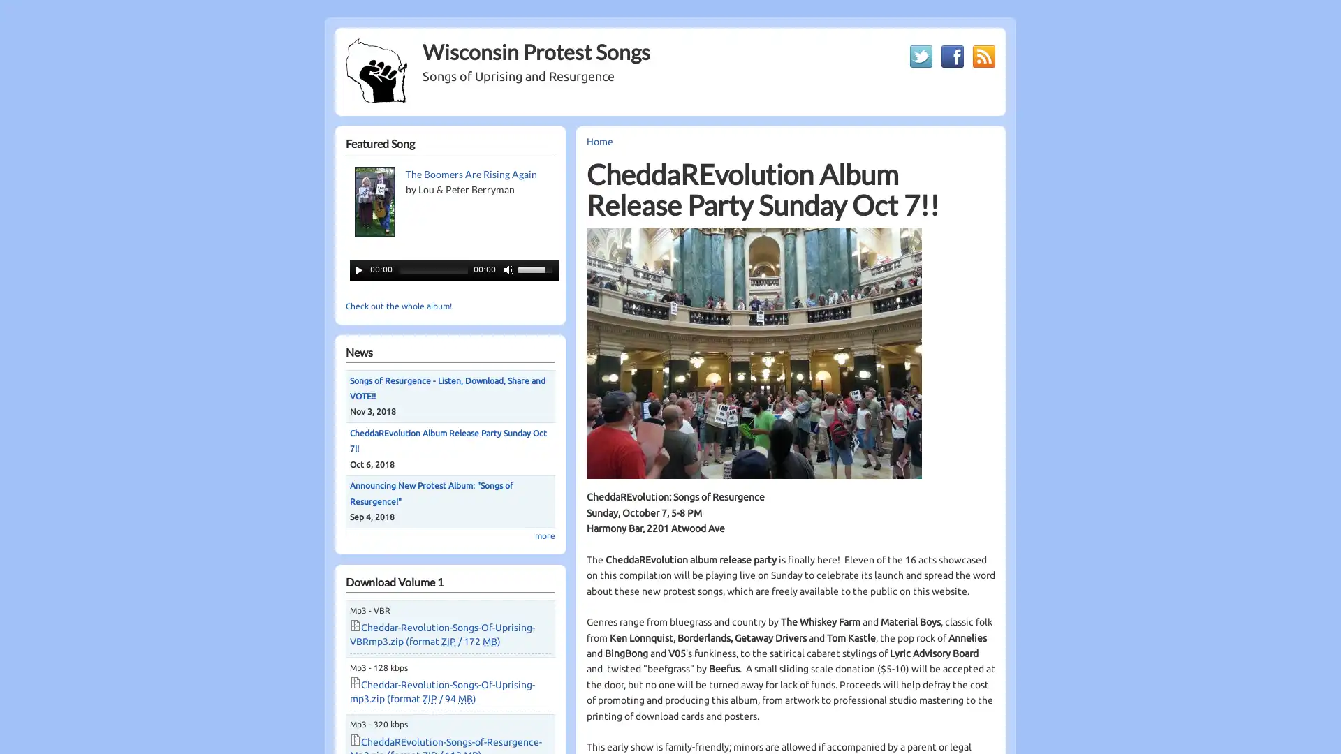  I want to click on Mute Toggle, so click(508, 269).